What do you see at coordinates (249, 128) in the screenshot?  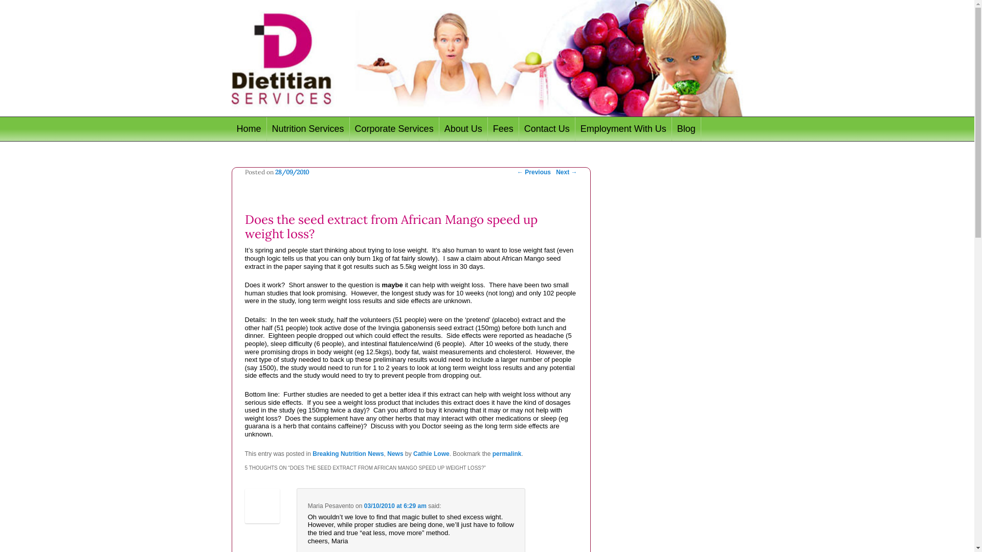 I see `'Home'` at bounding box center [249, 128].